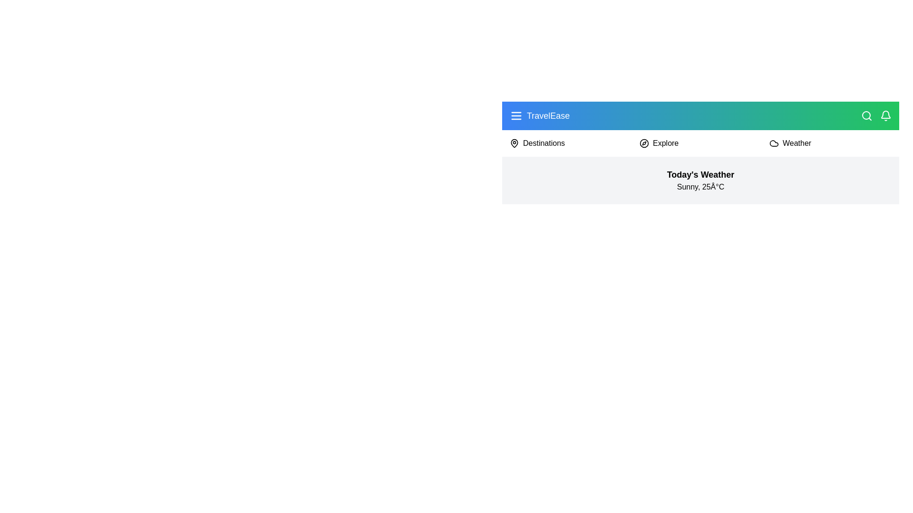 The width and height of the screenshot is (913, 513). Describe the element at coordinates (700, 180) in the screenshot. I see `the 'Today's Weather' section to interact with it` at that location.